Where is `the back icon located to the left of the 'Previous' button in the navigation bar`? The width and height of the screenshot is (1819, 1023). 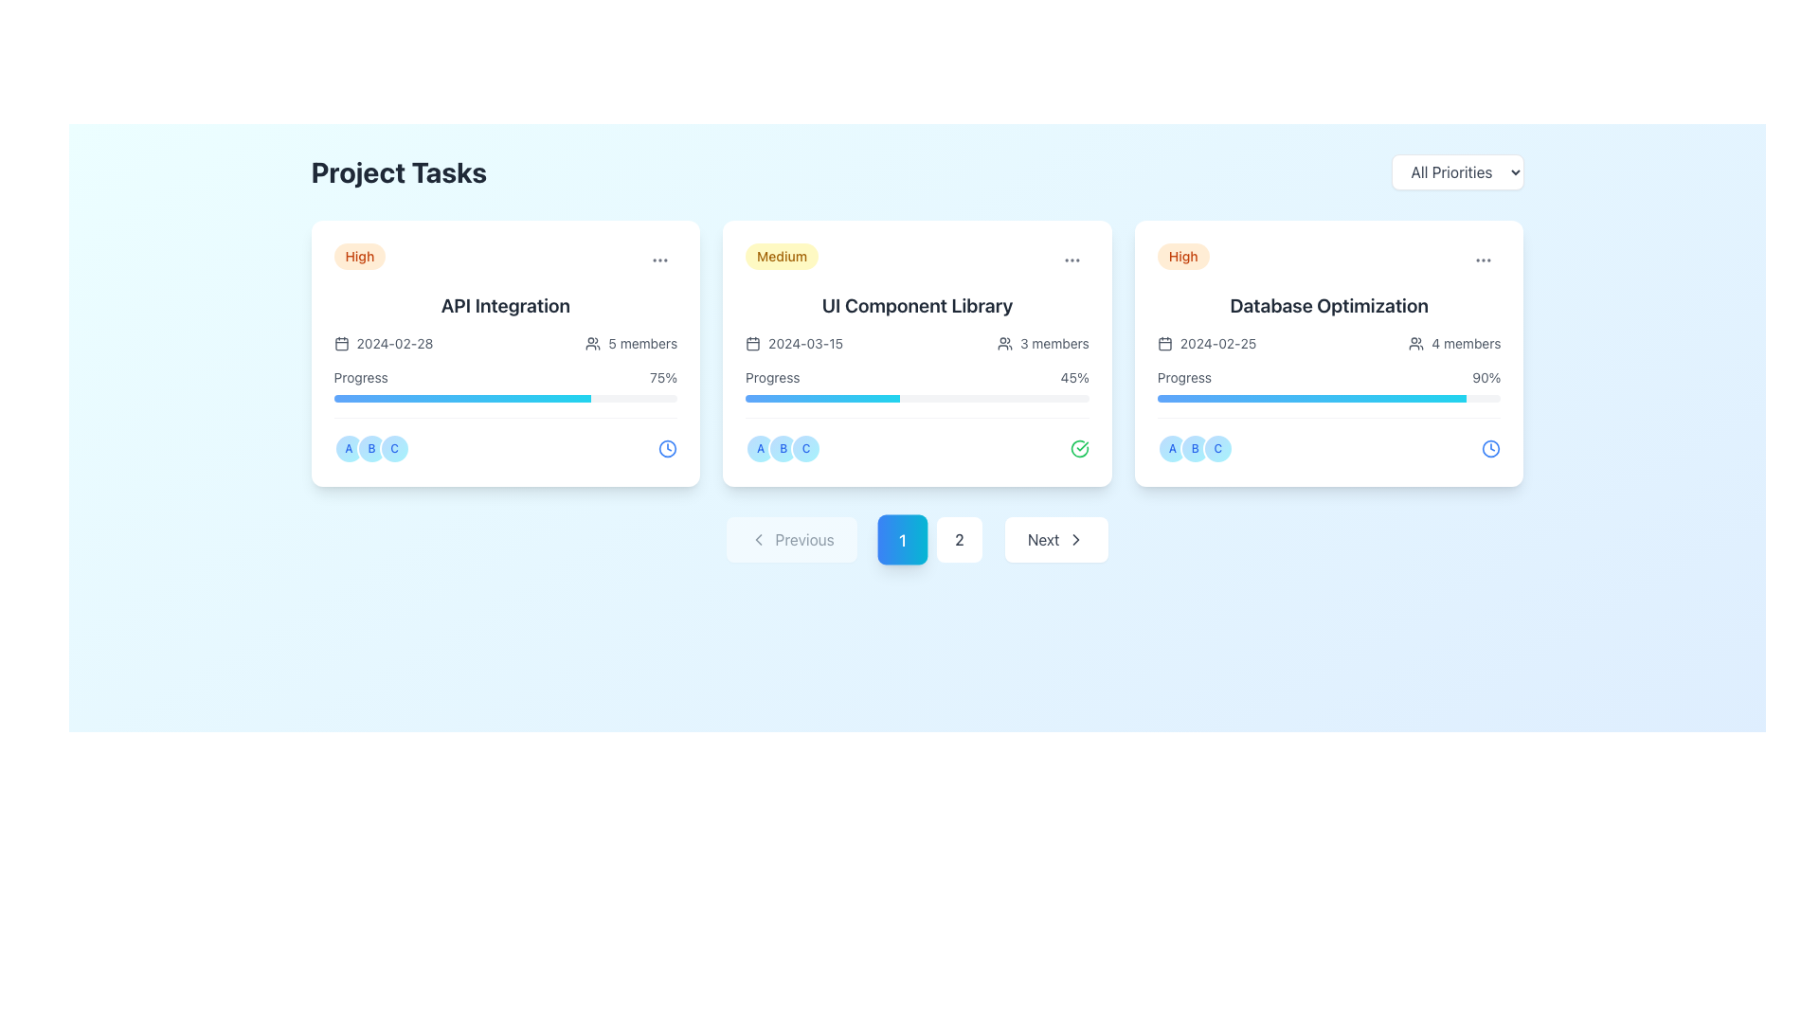 the back icon located to the left of the 'Previous' button in the navigation bar is located at coordinates (758, 540).